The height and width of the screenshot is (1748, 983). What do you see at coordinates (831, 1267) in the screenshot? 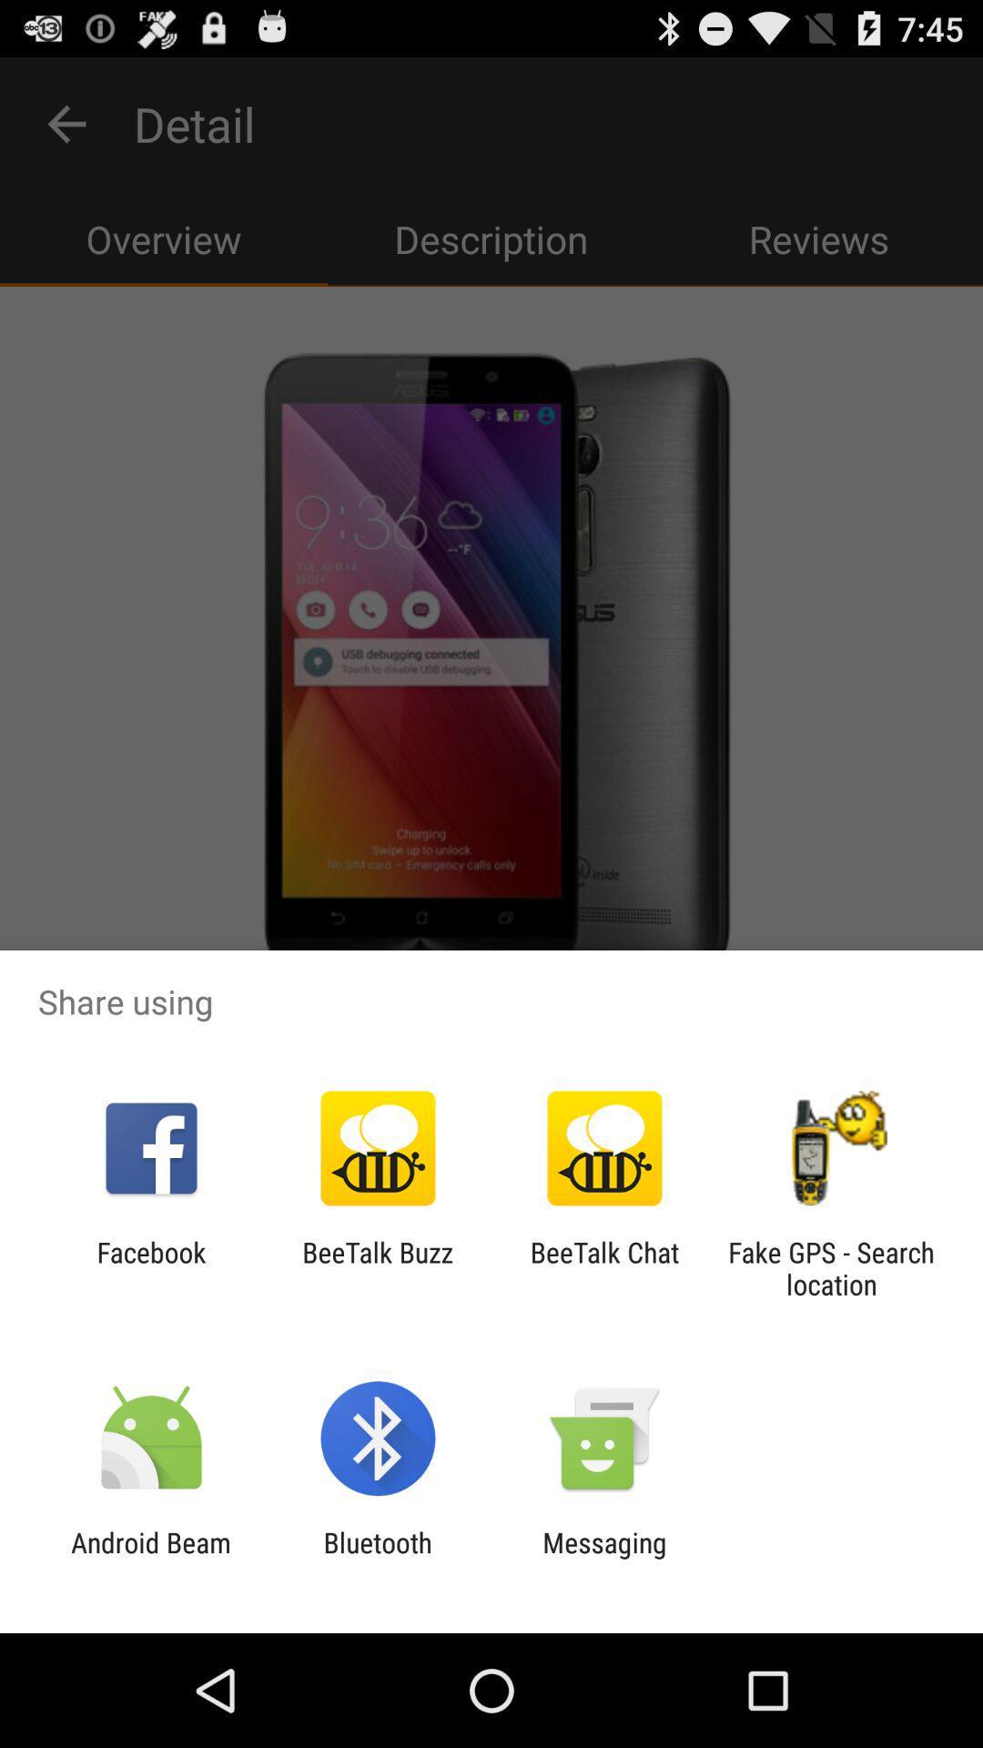
I see `the fake gps search` at bounding box center [831, 1267].